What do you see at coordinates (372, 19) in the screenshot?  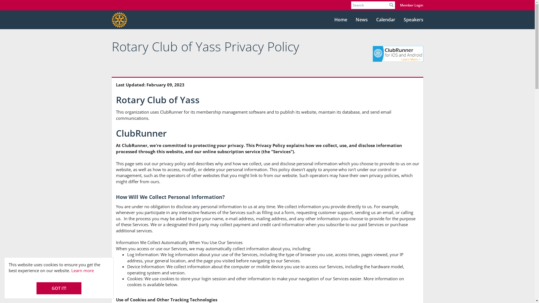 I see `'Calendar'` at bounding box center [372, 19].